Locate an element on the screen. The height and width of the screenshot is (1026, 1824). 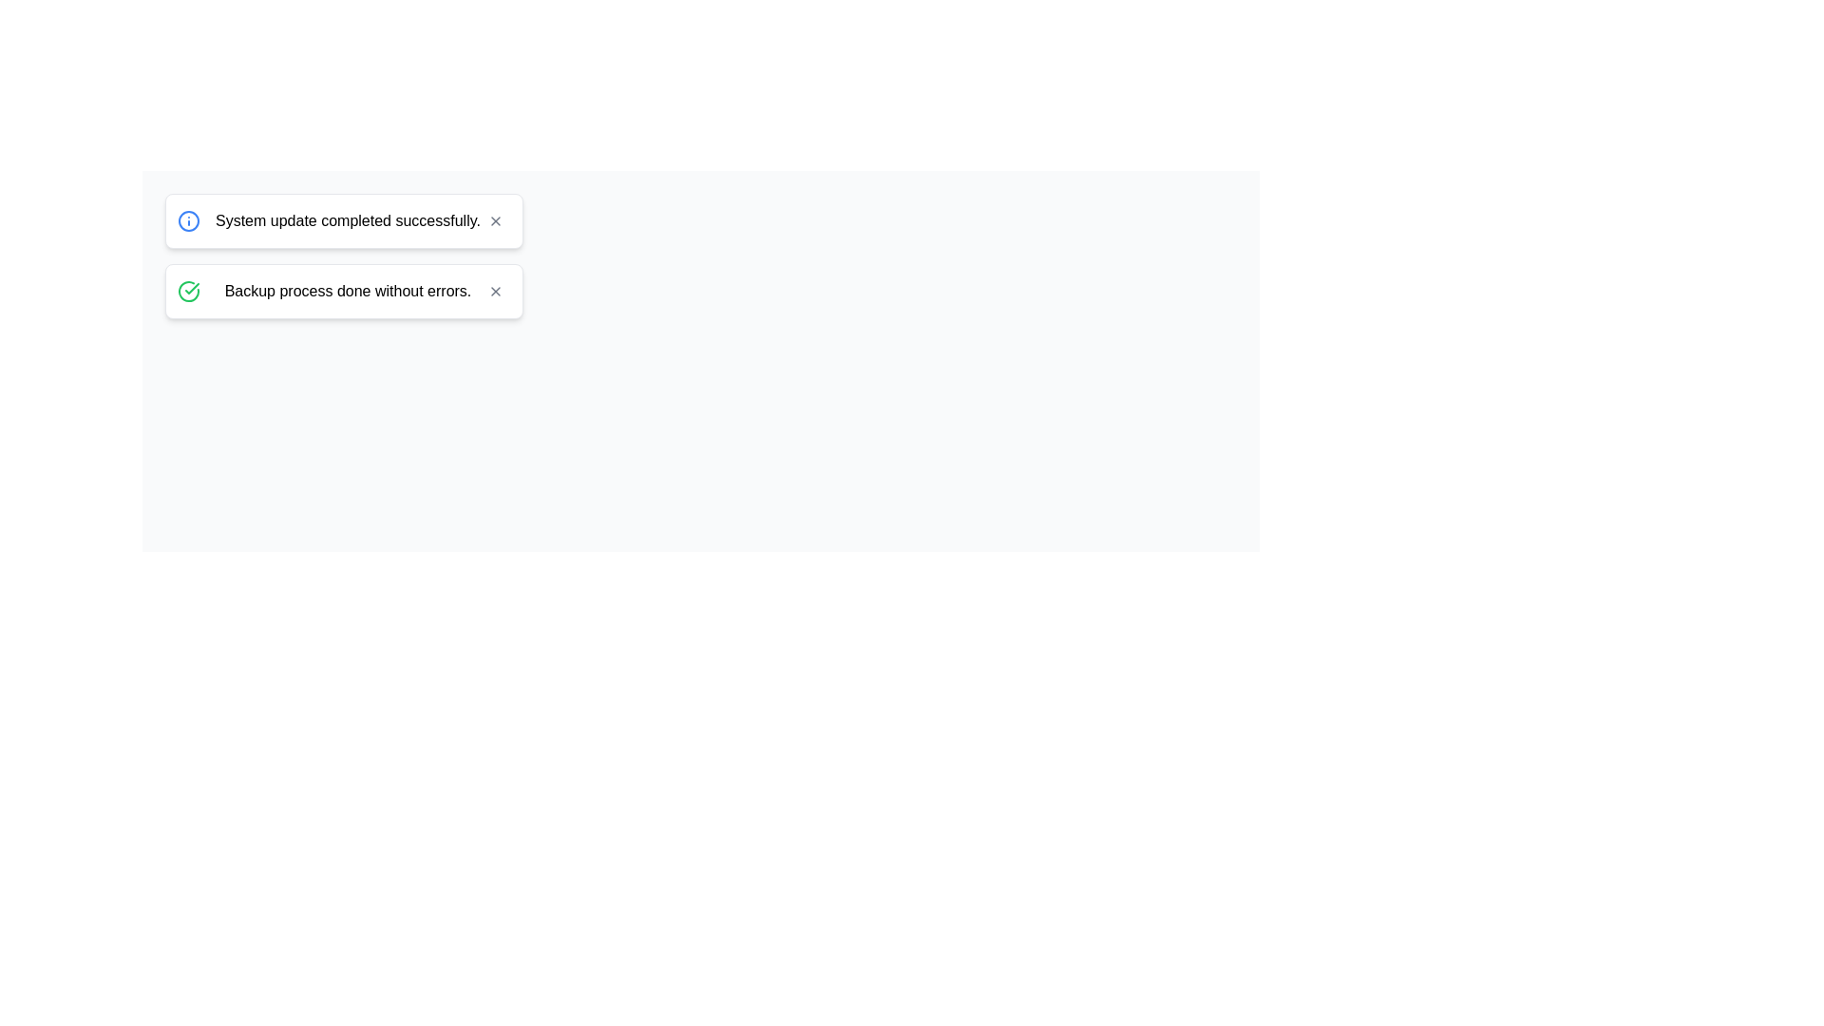
the circular green checkmark icon indicating a successful operation, located at the leftmost side of the notification box for visual confirmation is located at coordinates (188, 292).